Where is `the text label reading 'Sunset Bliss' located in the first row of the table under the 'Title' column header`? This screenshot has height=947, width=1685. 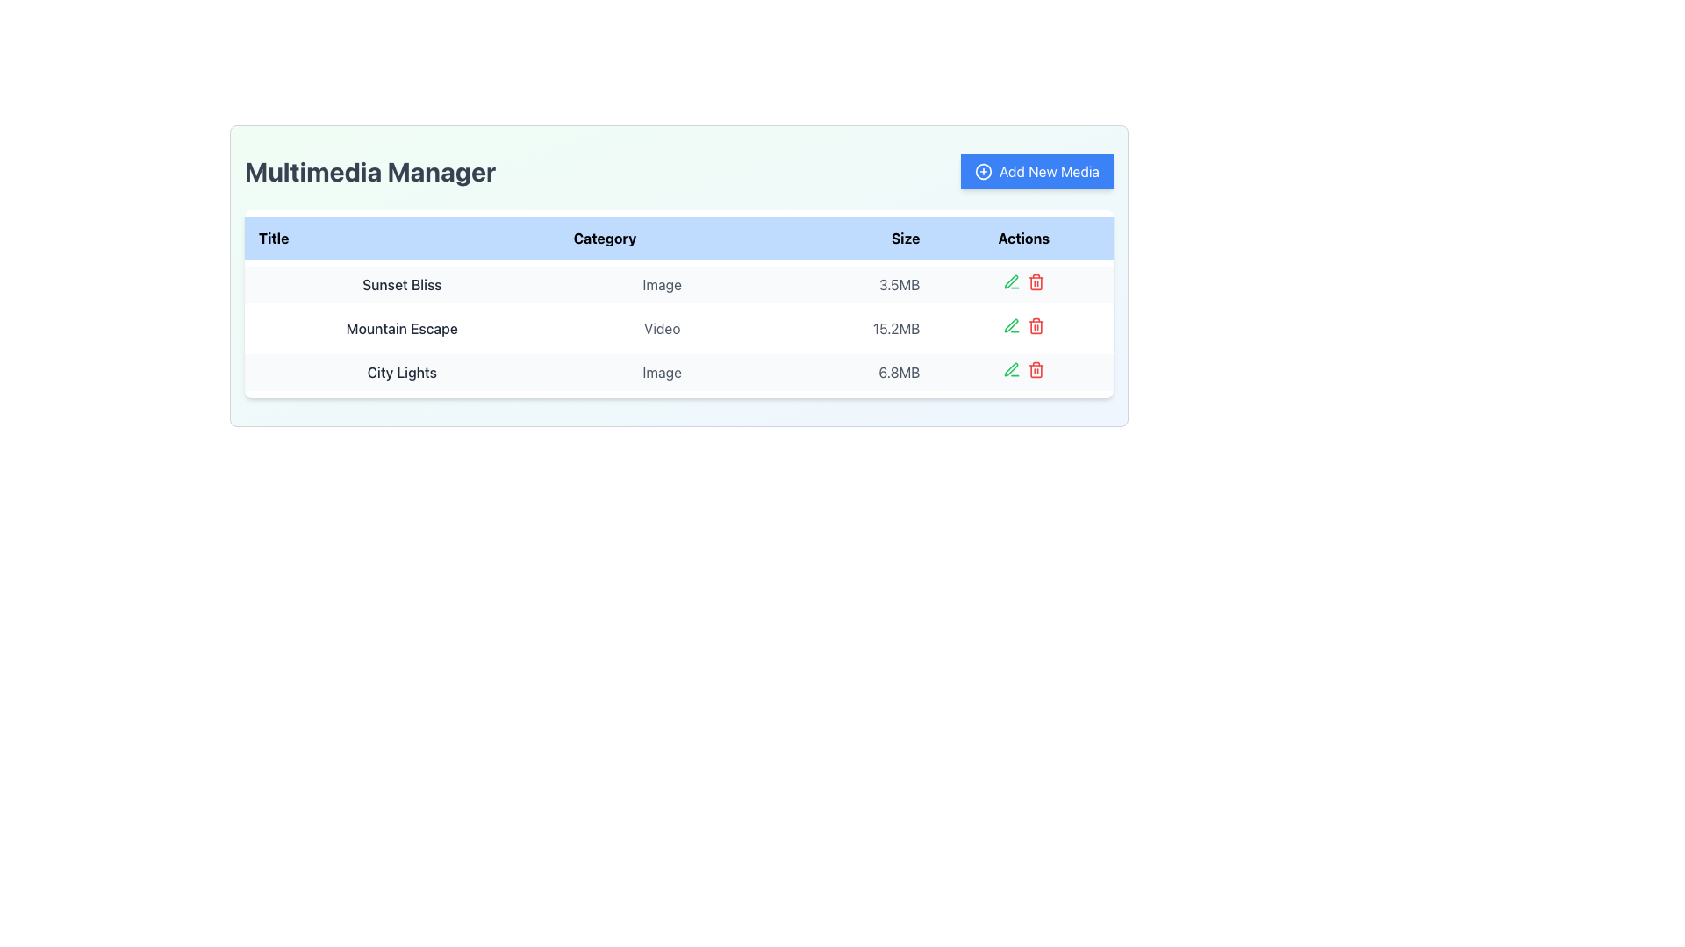 the text label reading 'Sunset Bliss' located in the first row of the table under the 'Title' column header is located at coordinates (401, 283).